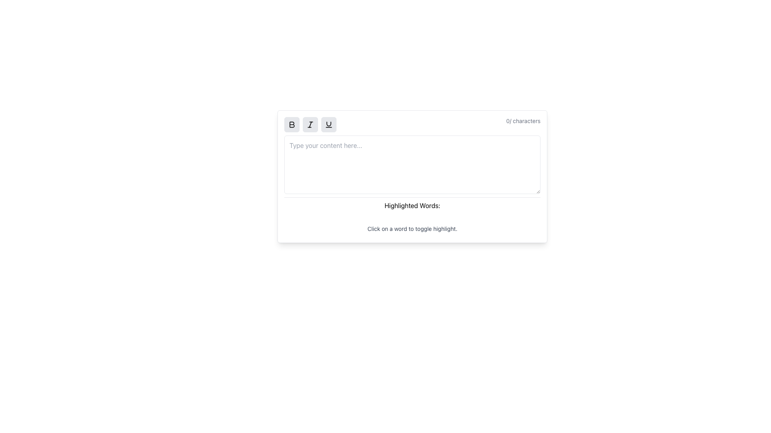 Image resolution: width=771 pixels, height=433 pixels. I want to click on the 'Bold' formatting icon located at the top-left corner of the text input area, so click(292, 125).